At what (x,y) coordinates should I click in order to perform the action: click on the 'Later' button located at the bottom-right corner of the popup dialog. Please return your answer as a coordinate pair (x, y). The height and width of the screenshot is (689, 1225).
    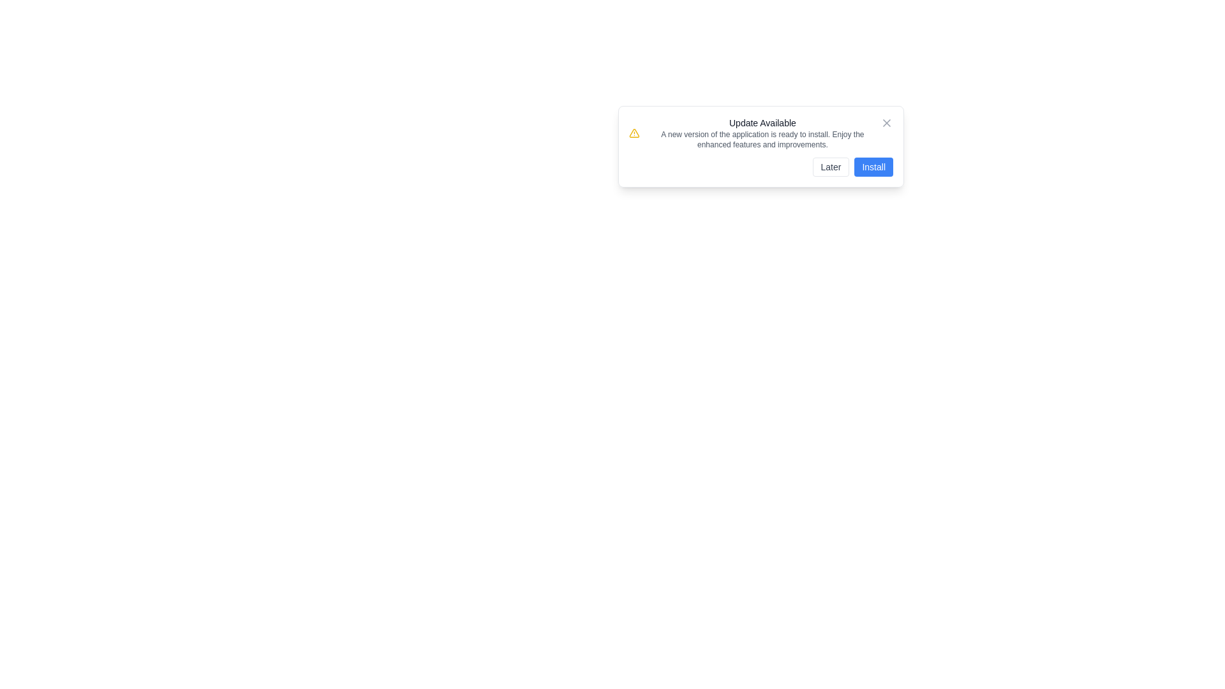
    Looking at the image, I should click on (831, 167).